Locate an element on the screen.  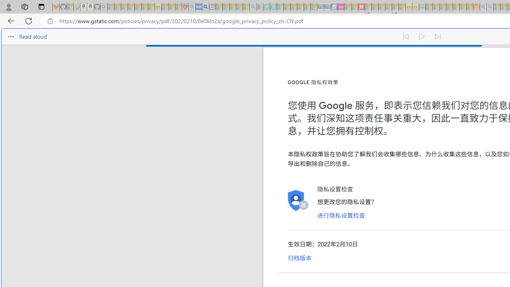
'Continue to read aloud (Ctrl+Shift+U)' is located at coordinates (422, 34).